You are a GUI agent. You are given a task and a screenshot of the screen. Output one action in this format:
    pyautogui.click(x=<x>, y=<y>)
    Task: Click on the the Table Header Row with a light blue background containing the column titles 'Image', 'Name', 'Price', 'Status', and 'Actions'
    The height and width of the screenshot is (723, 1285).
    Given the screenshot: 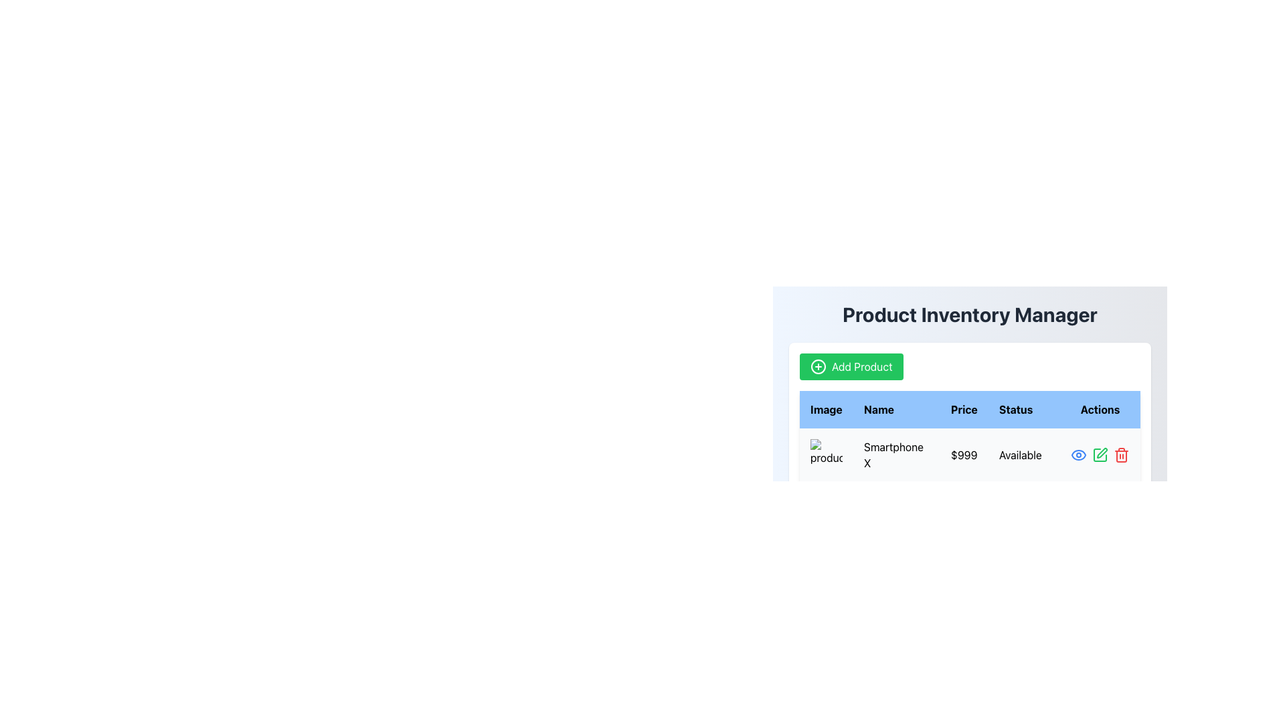 What is the action you would take?
    pyautogui.click(x=970, y=409)
    